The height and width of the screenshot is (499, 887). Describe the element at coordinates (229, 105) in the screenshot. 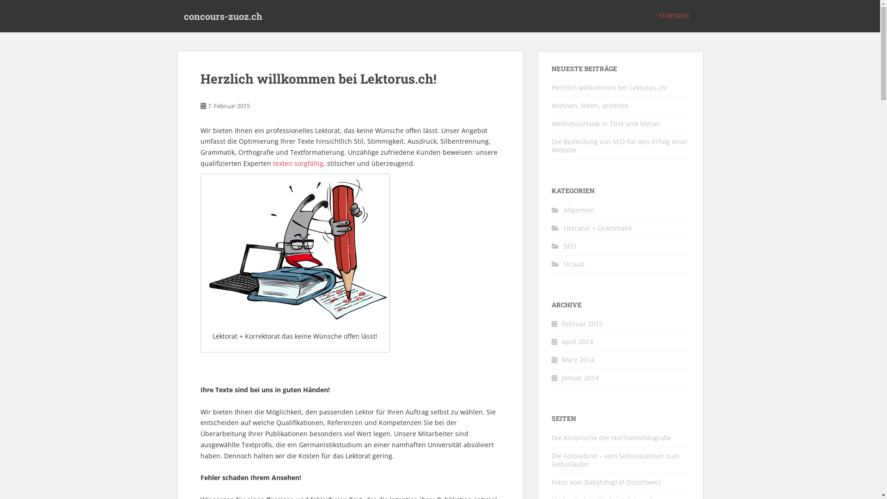

I see `'7. Februar 2015'` at that location.